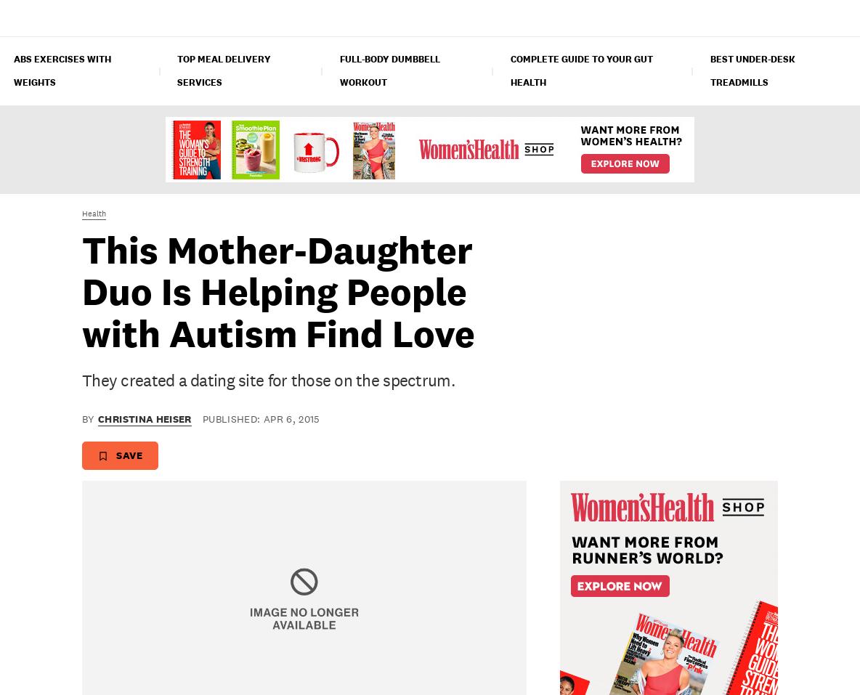  I want to click on 'Candace Cameron Bure Crushes A Workout On IG', so click(137, 44).